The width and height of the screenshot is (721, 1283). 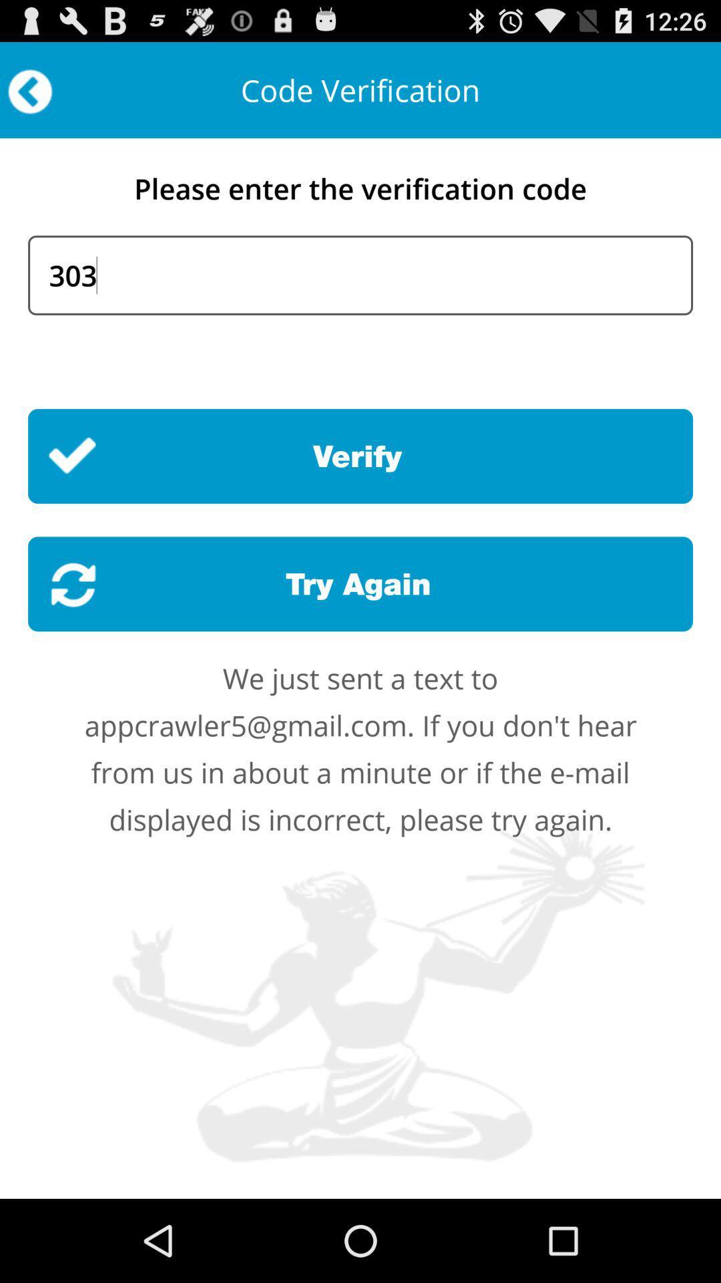 I want to click on the arrow_backward icon, so click(x=30, y=97).